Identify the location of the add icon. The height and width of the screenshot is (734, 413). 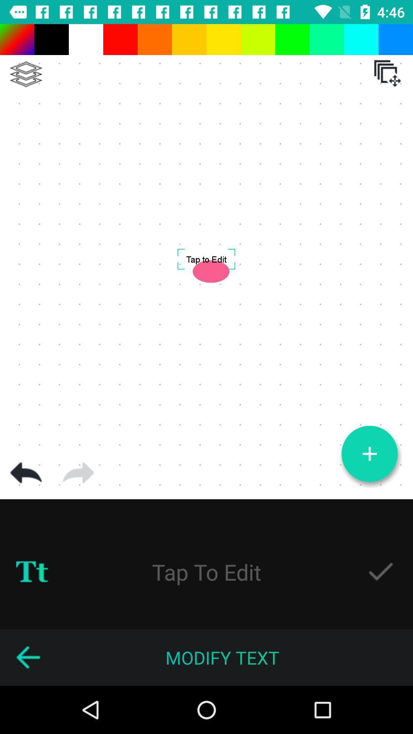
(369, 454).